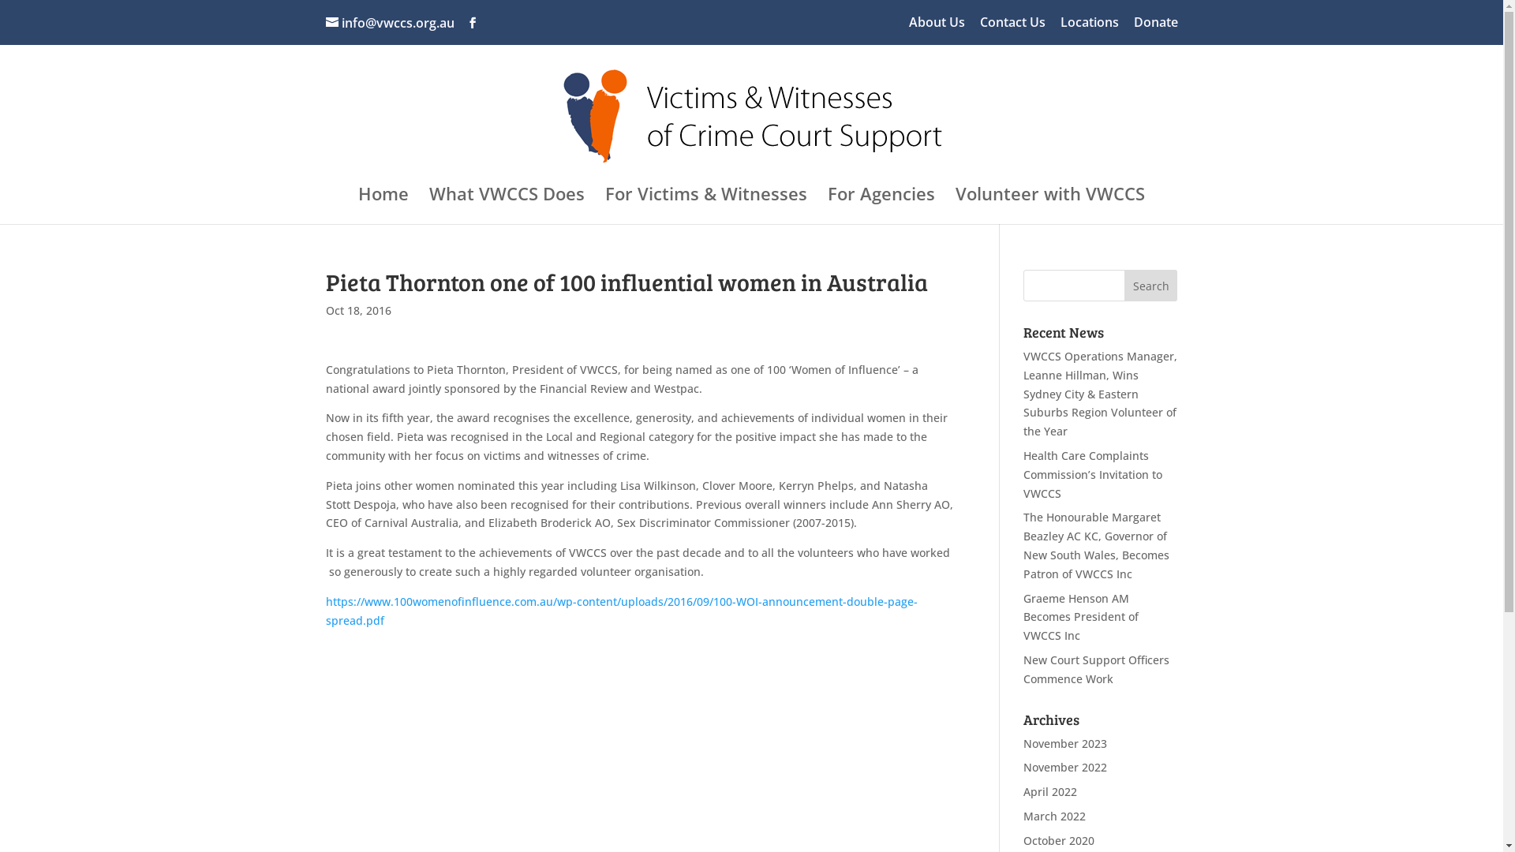 The height and width of the screenshot is (852, 1515). Describe the element at coordinates (1049, 791) in the screenshot. I see `'April 2022'` at that location.